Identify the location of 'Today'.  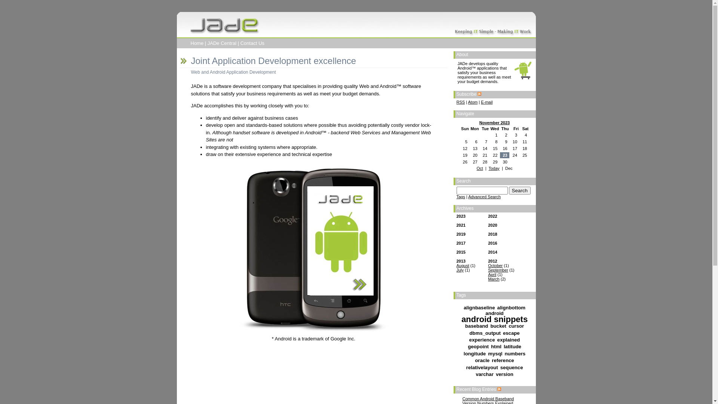
(494, 168).